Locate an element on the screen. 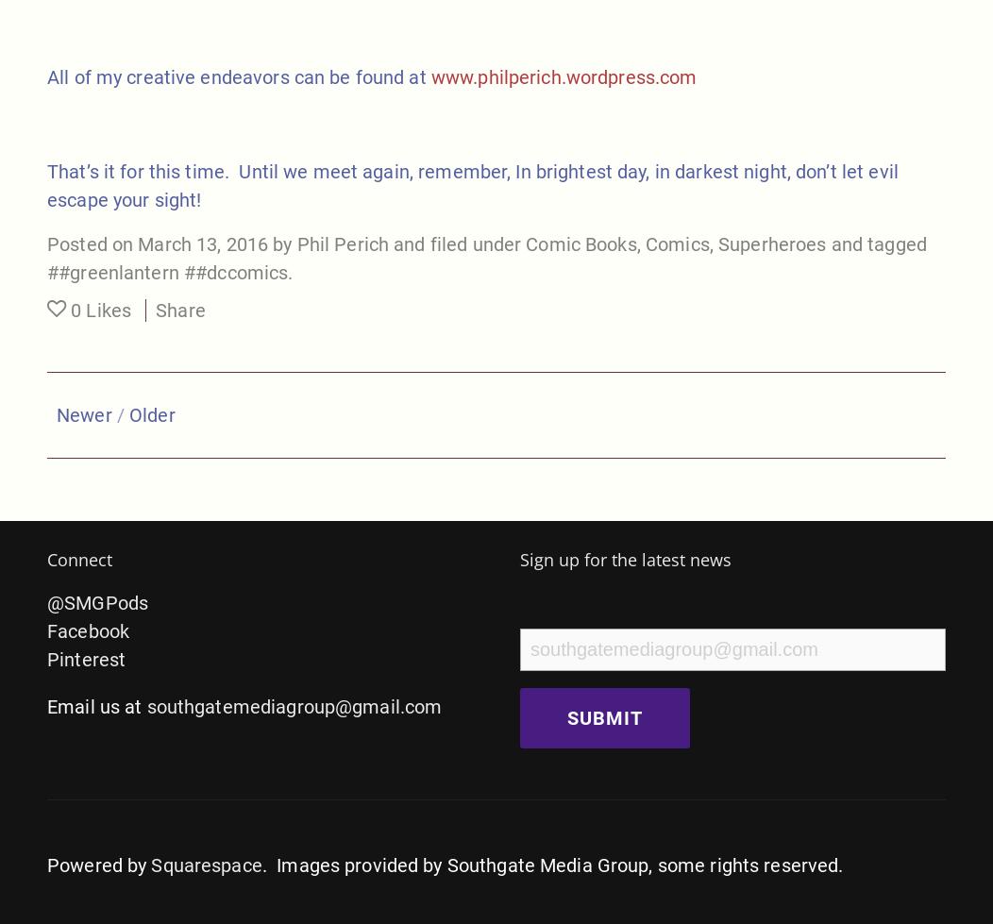 The width and height of the screenshot is (993, 924). 'All of my creative endeavors can be found at' is located at coordinates (238, 76).